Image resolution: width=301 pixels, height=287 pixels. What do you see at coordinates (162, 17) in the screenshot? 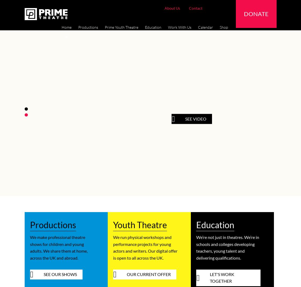
I see `'£5'` at bounding box center [162, 17].